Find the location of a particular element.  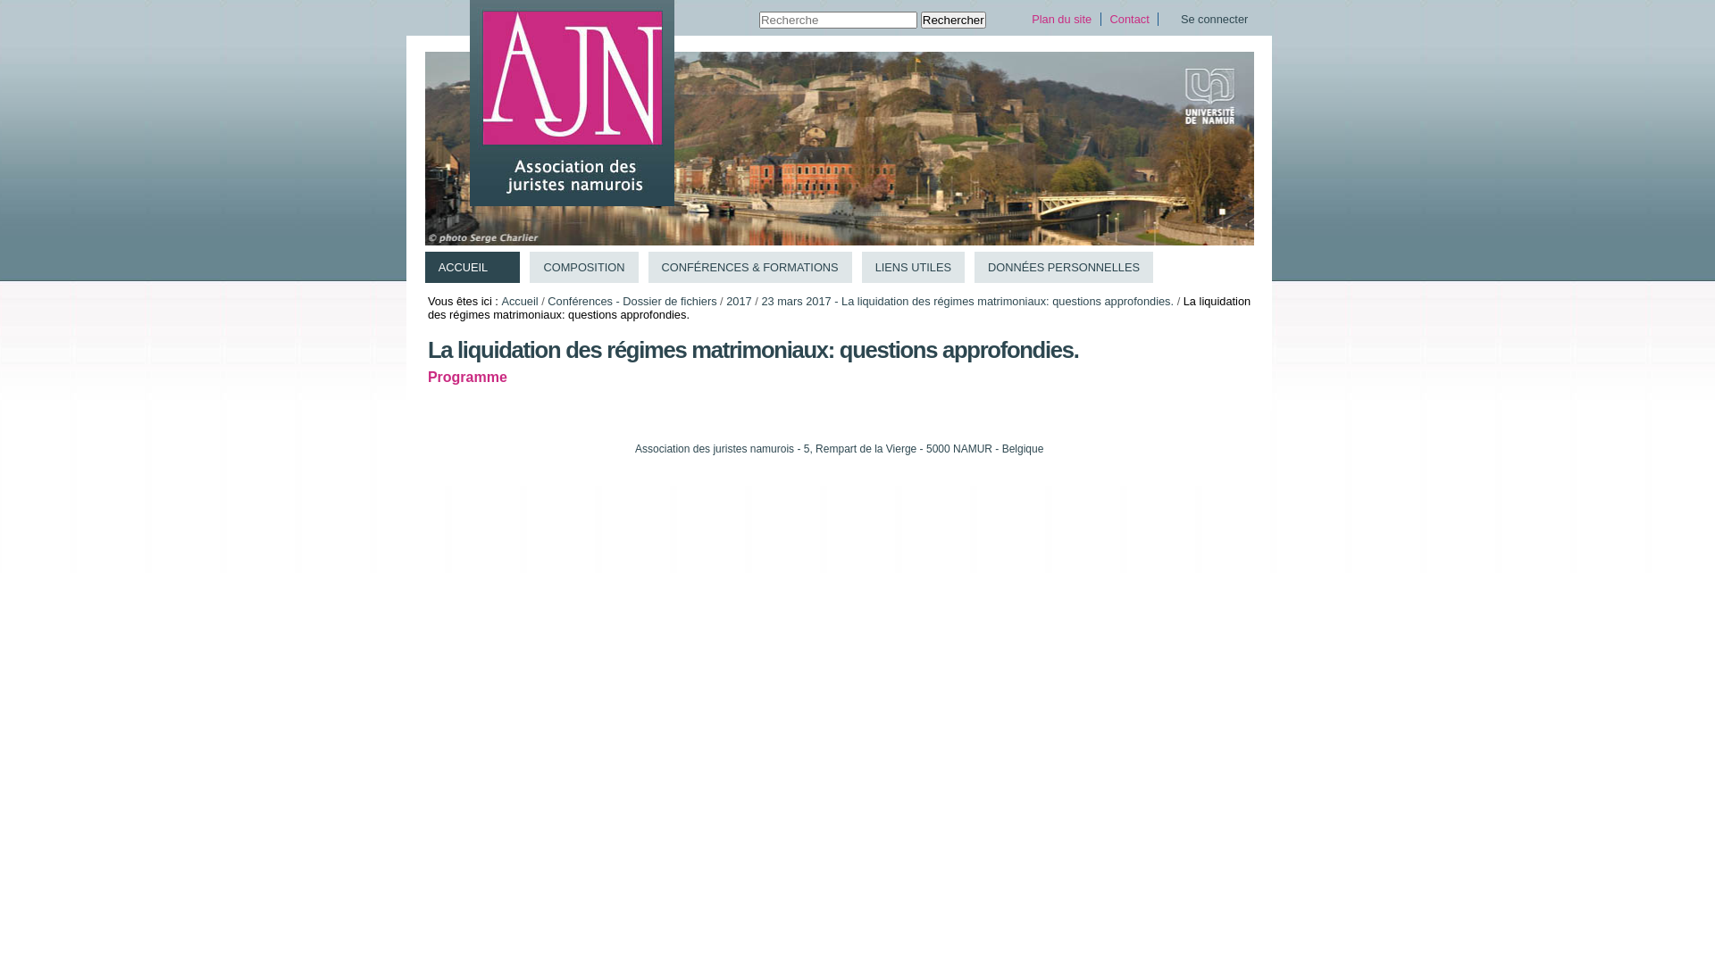

'Programme' is located at coordinates (467, 376).